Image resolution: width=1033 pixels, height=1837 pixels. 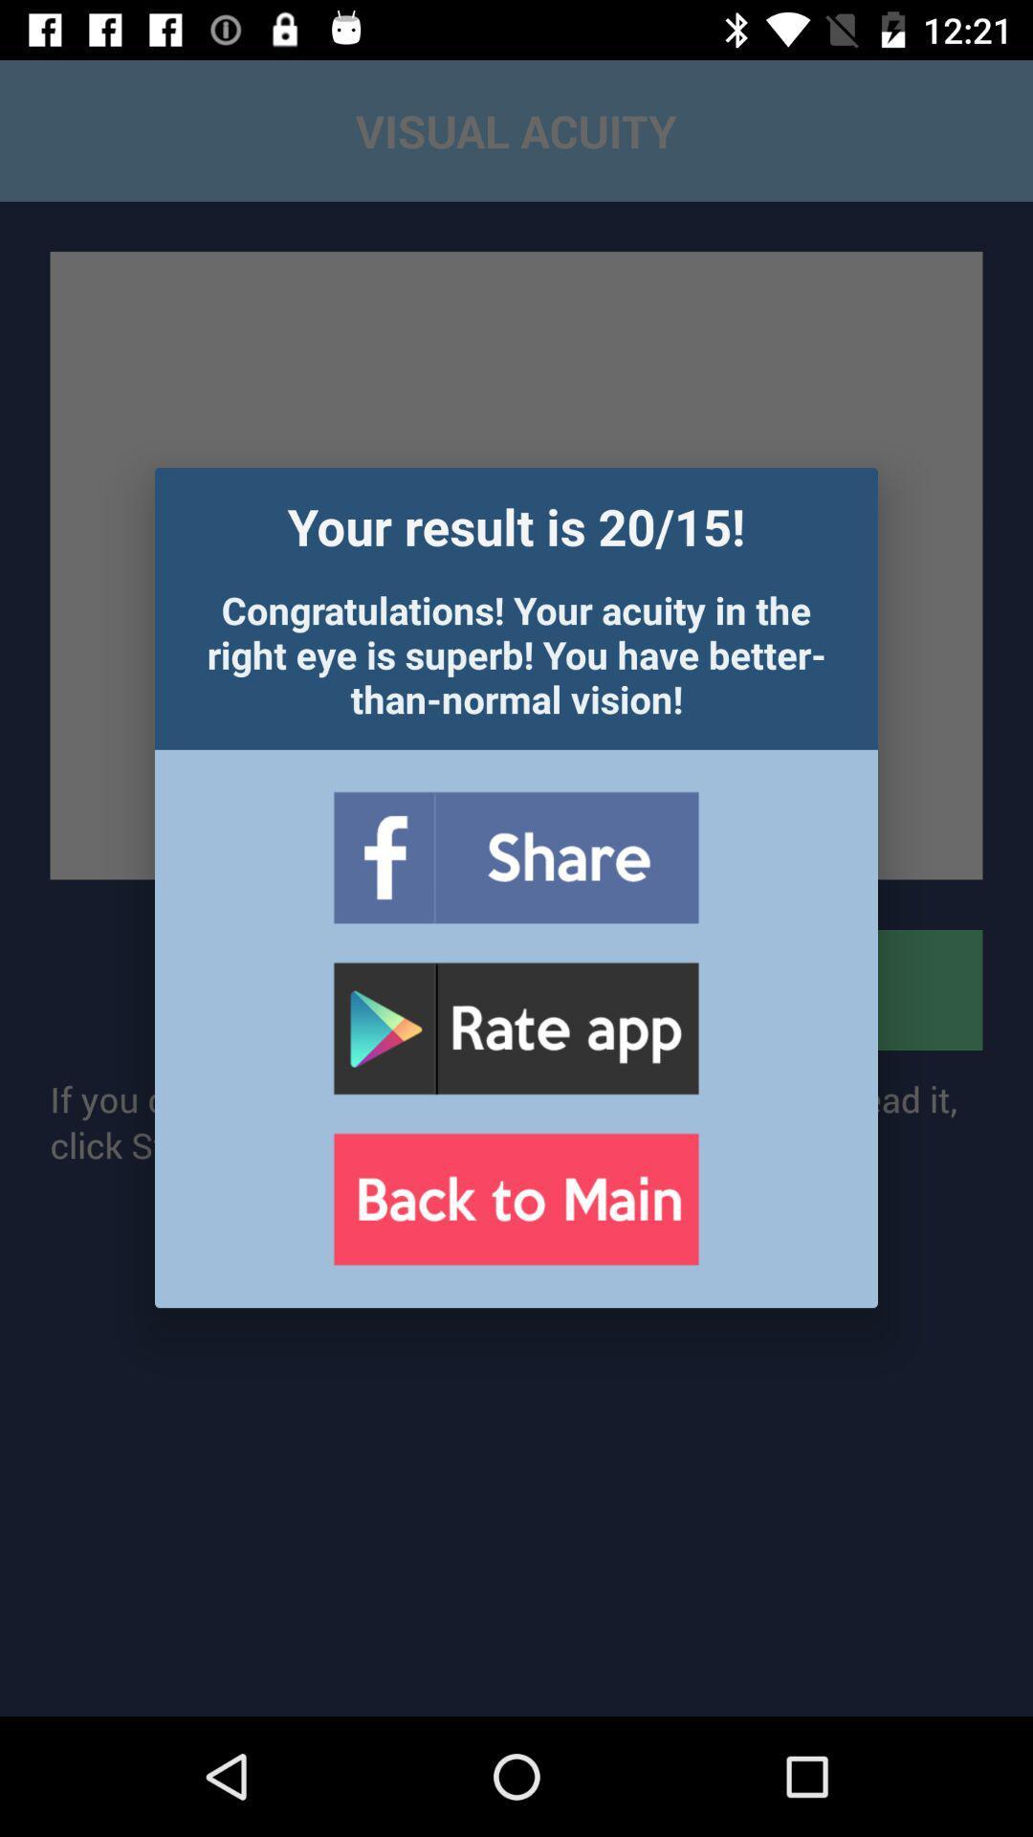 What do you see at coordinates (515, 1028) in the screenshot?
I see `rate app` at bounding box center [515, 1028].